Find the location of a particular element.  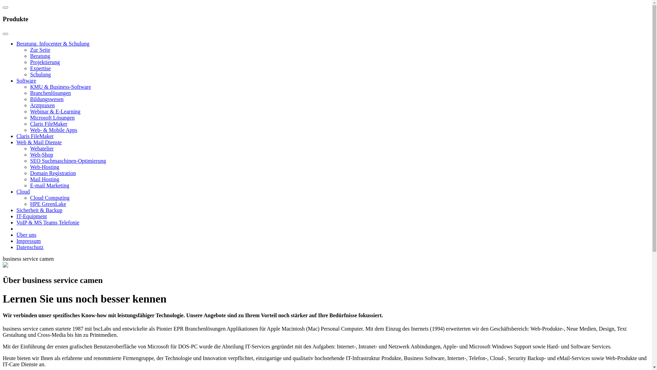

'Webatelier' is located at coordinates (41, 148).